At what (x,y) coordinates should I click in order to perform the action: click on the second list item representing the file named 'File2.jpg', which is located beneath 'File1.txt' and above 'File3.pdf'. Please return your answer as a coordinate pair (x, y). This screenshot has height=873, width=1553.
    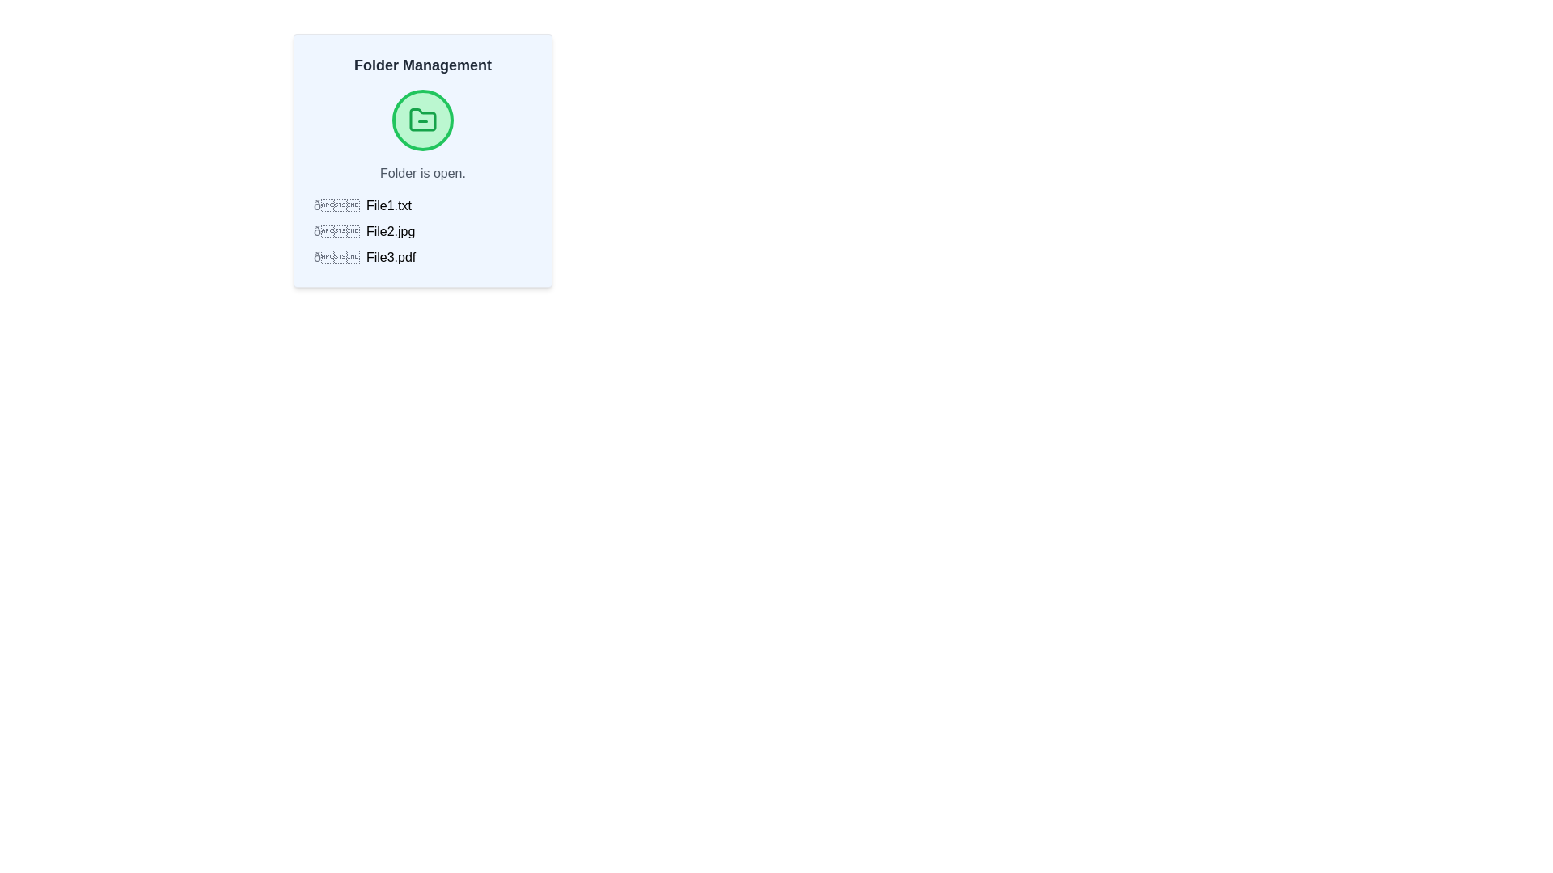
    Looking at the image, I should click on (423, 231).